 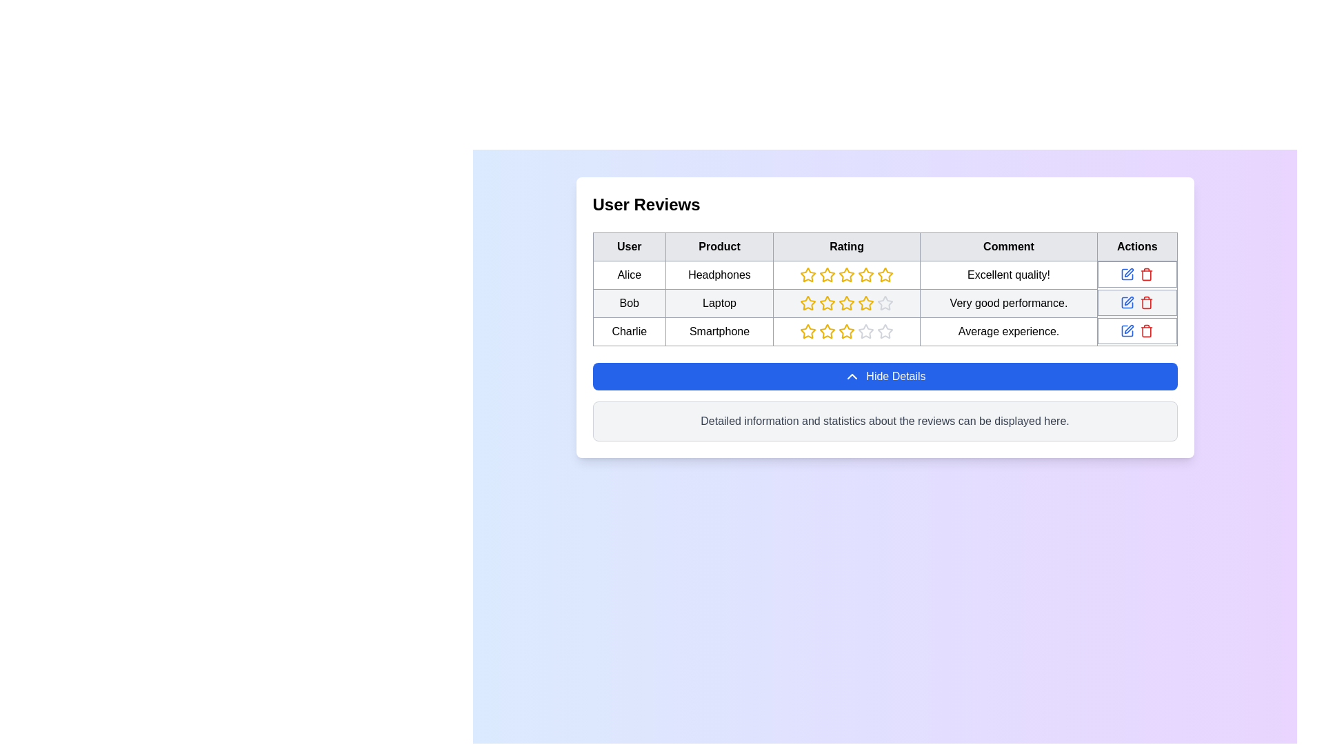 I want to click on central vertical rectangle of the trash icon in the action column of the user review table for its properties, so click(x=1146, y=275).